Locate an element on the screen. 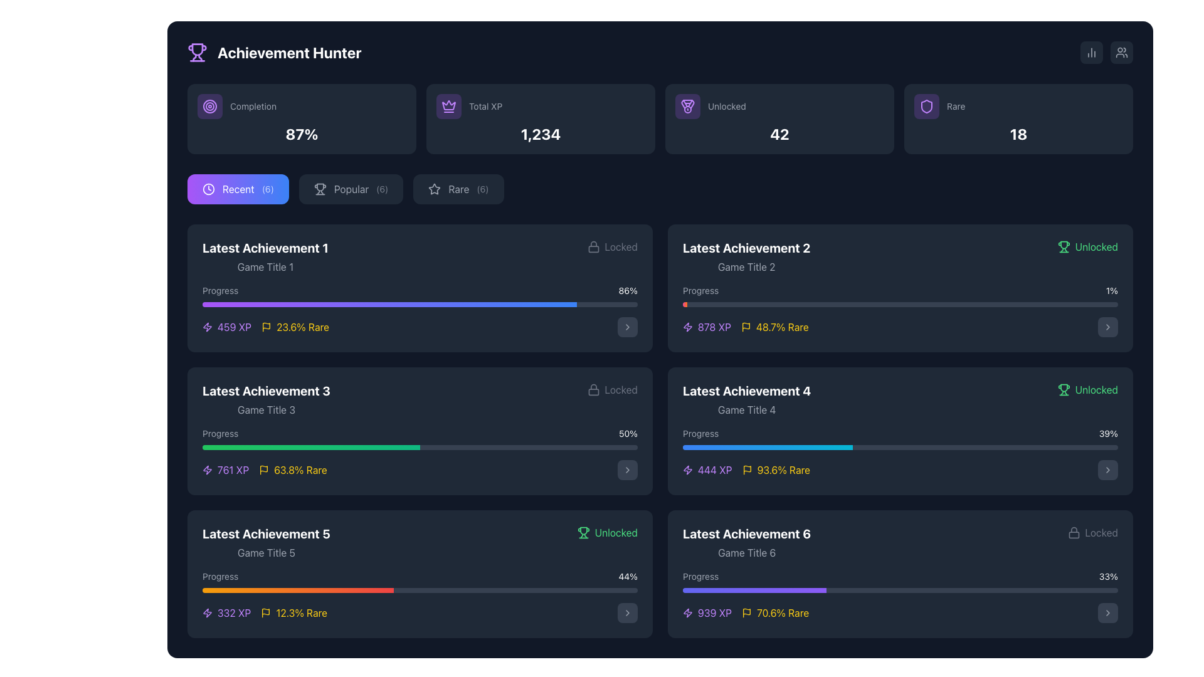 The height and width of the screenshot is (677, 1204). the rarity flag icon located in the 'Latest Achievement 5' section, next to the XP value and before the rarity percentage is located at coordinates (265, 611).